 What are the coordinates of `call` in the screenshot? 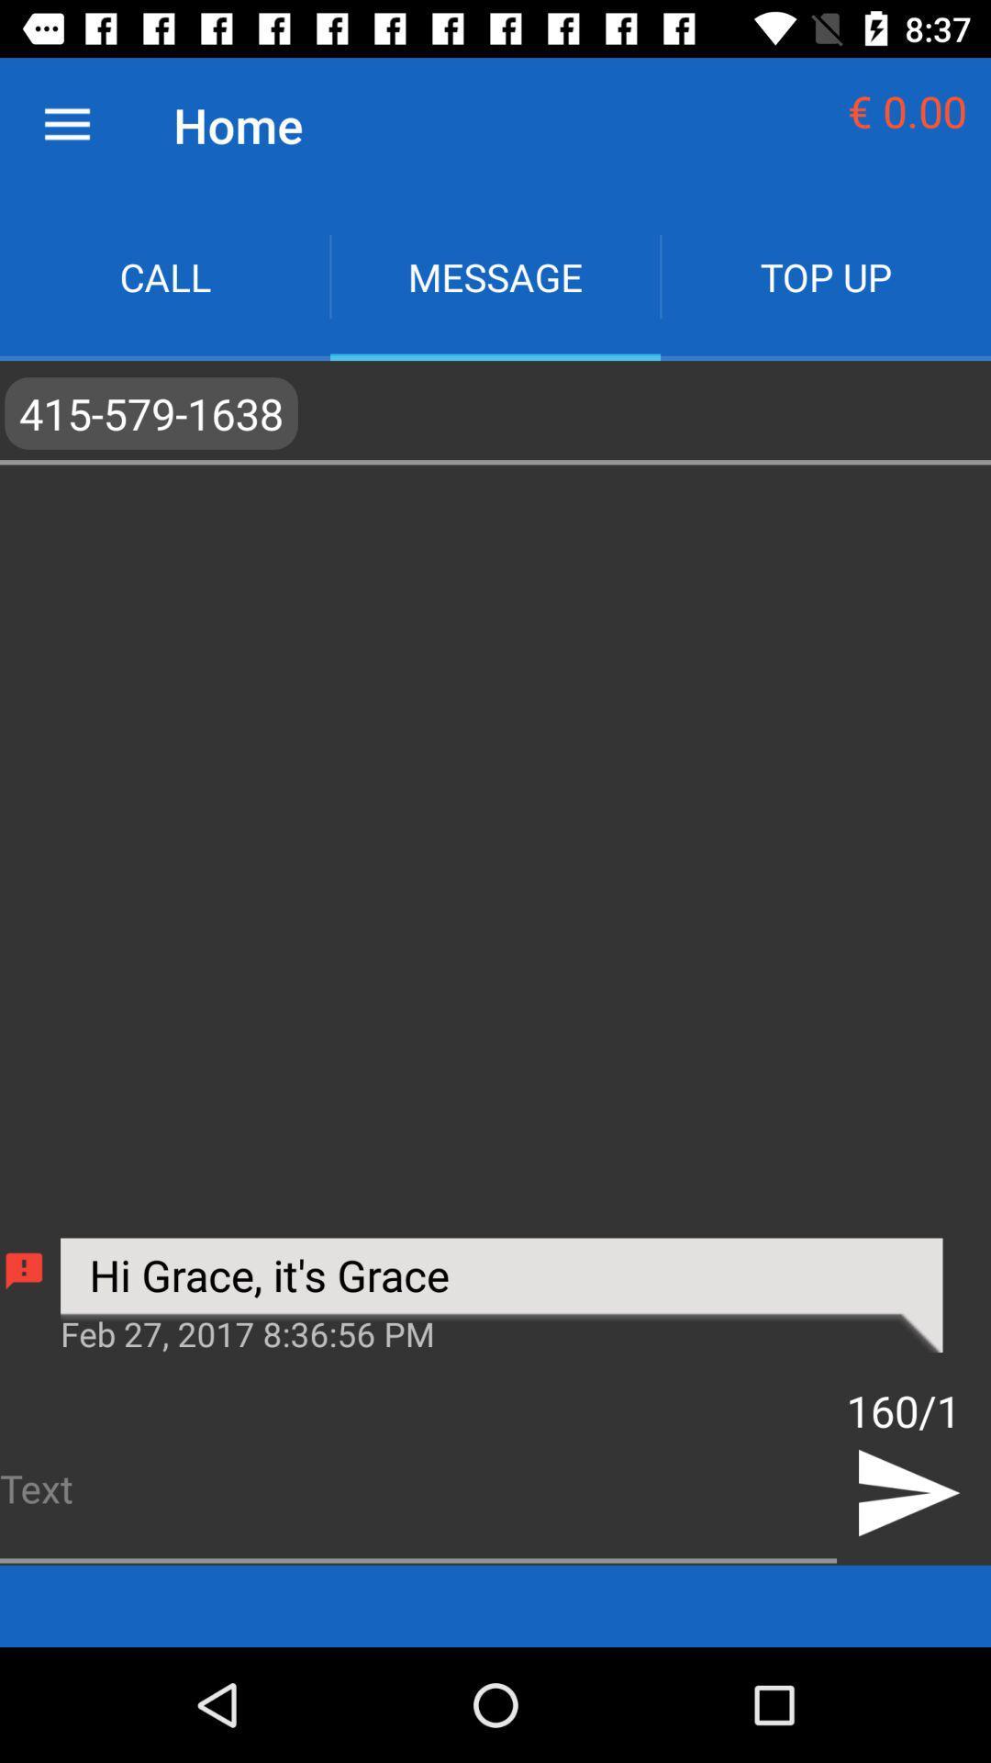 It's located at (165, 275).